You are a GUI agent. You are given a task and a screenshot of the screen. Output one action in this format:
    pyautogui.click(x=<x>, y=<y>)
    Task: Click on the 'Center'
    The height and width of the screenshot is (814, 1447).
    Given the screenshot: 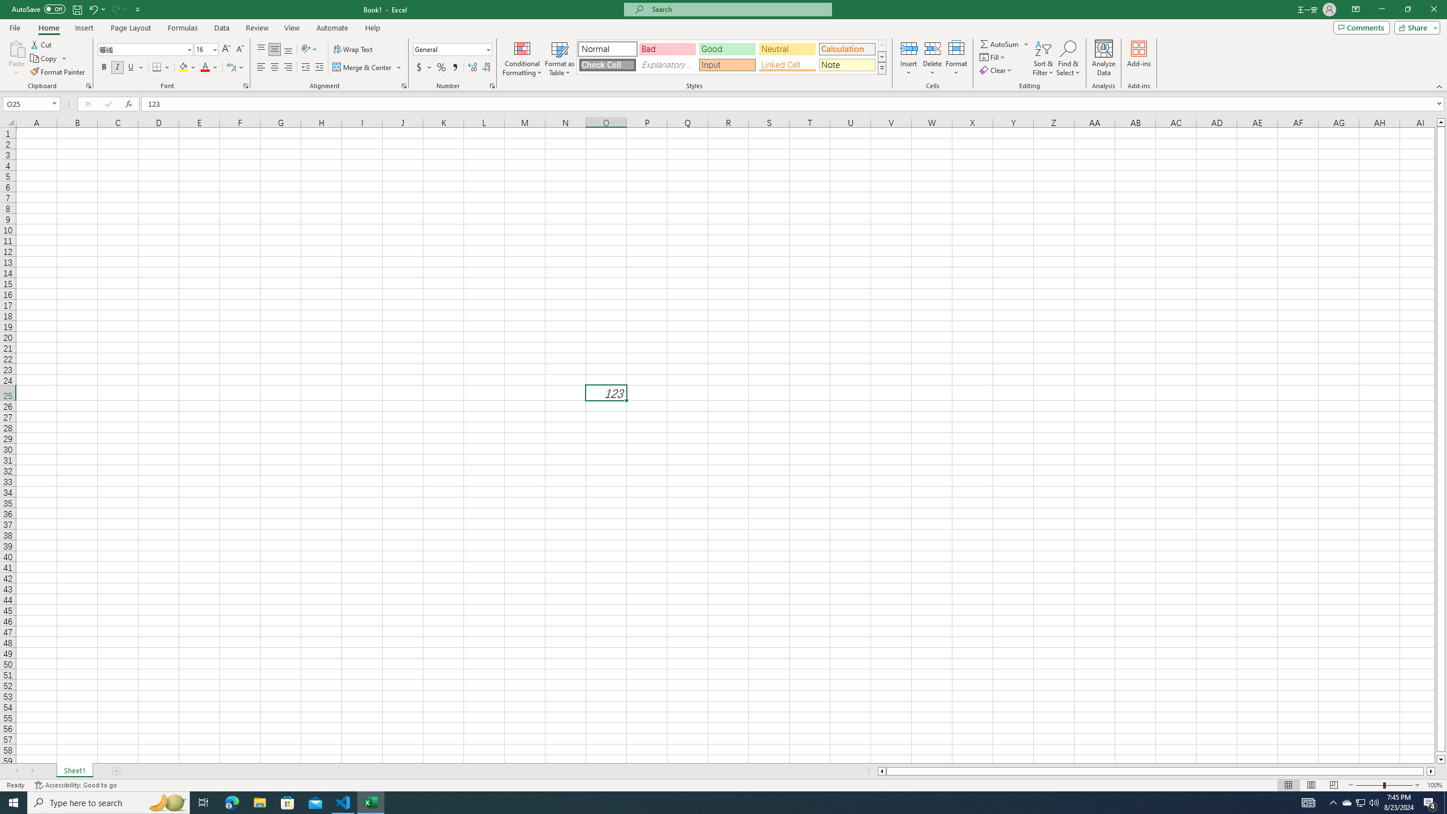 What is the action you would take?
    pyautogui.click(x=274, y=67)
    